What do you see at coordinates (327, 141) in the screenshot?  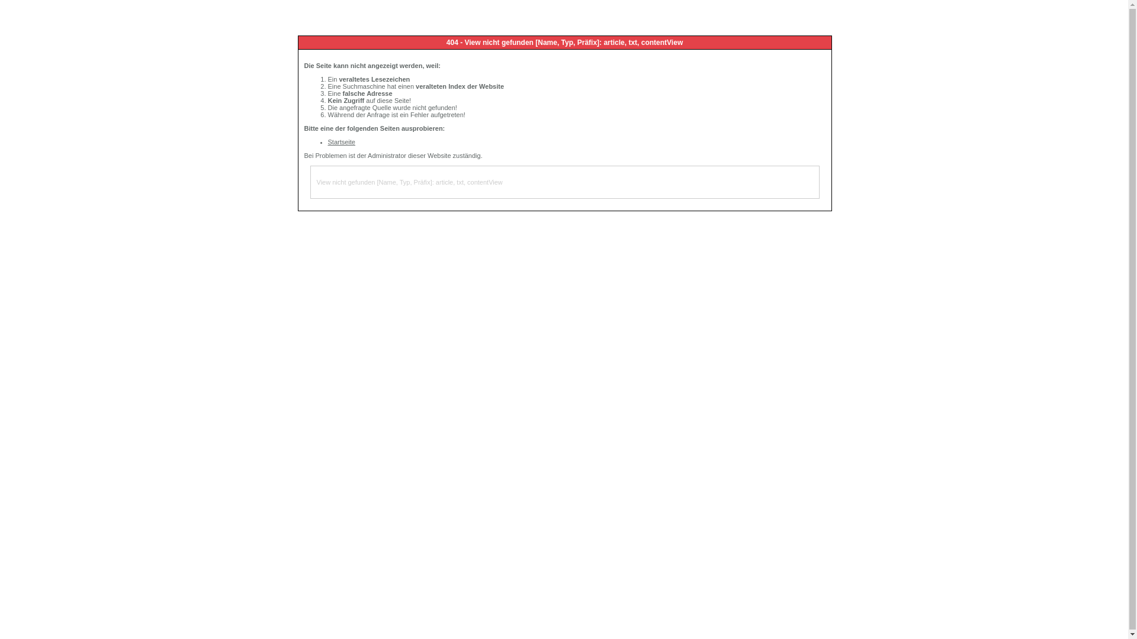 I see `'Startseite'` at bounding box center [327, 141].